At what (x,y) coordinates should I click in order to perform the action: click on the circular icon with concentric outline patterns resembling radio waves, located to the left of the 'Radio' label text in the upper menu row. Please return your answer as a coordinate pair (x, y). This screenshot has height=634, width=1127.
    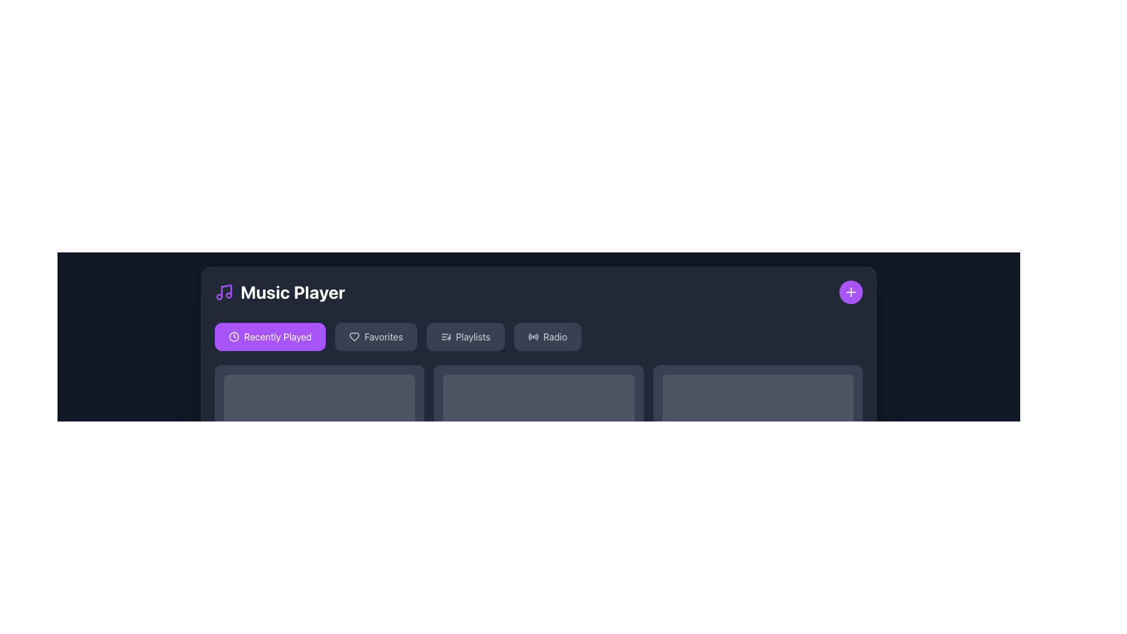
    Looking at the image, I should click on (532, 337).